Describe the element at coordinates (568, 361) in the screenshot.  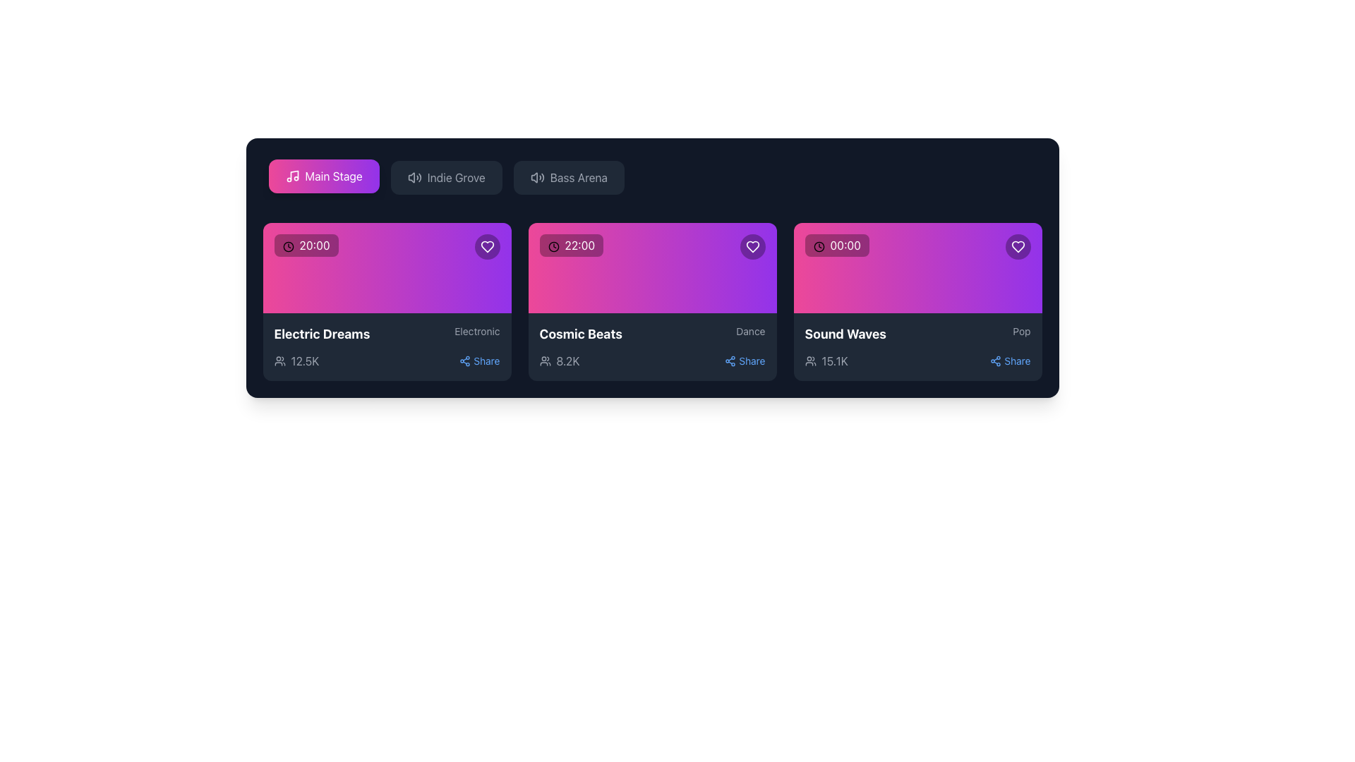
I see `number displayed on the text label indicating the count of attendees for the 'Cosmic Beats' event, located at the bottom of the second card in the grid layout` at that location.